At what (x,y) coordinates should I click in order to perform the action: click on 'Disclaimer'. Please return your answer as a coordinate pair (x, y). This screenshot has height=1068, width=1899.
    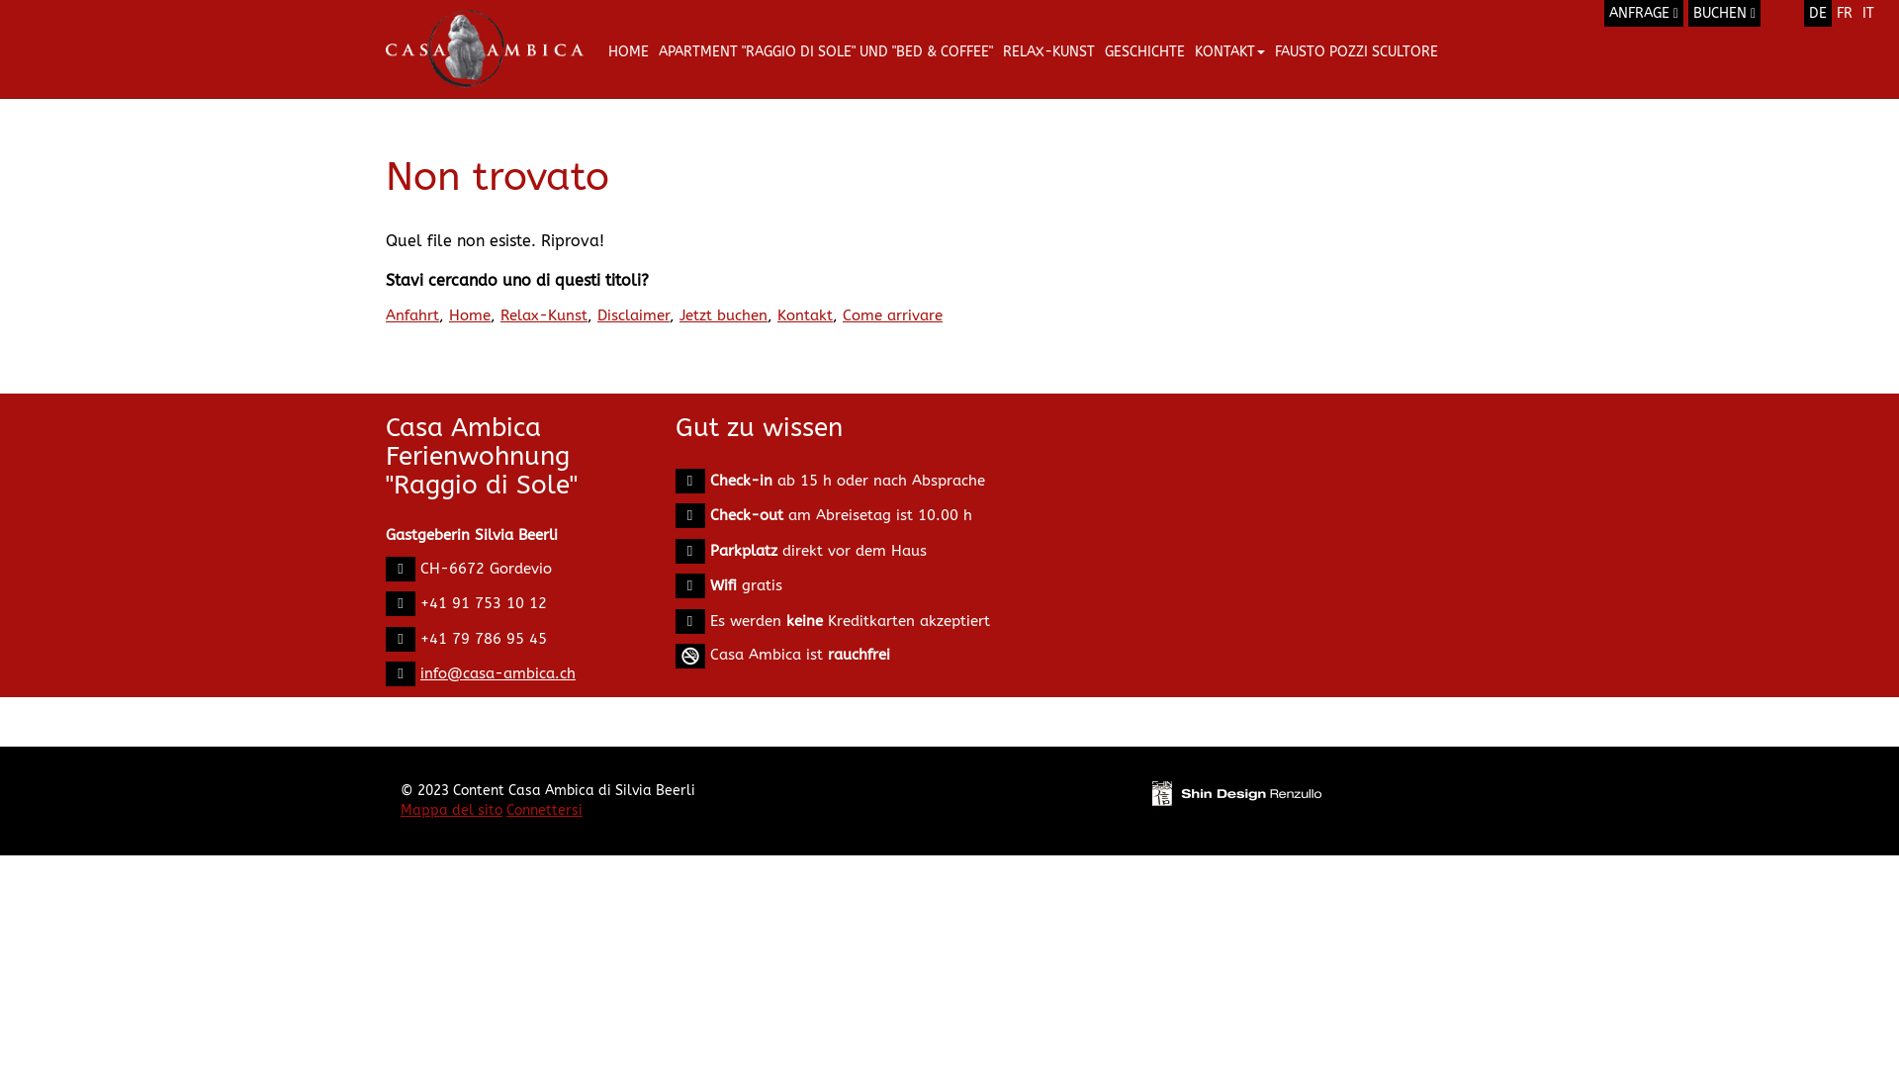
    Looking at the image, I should click on (633, 314).